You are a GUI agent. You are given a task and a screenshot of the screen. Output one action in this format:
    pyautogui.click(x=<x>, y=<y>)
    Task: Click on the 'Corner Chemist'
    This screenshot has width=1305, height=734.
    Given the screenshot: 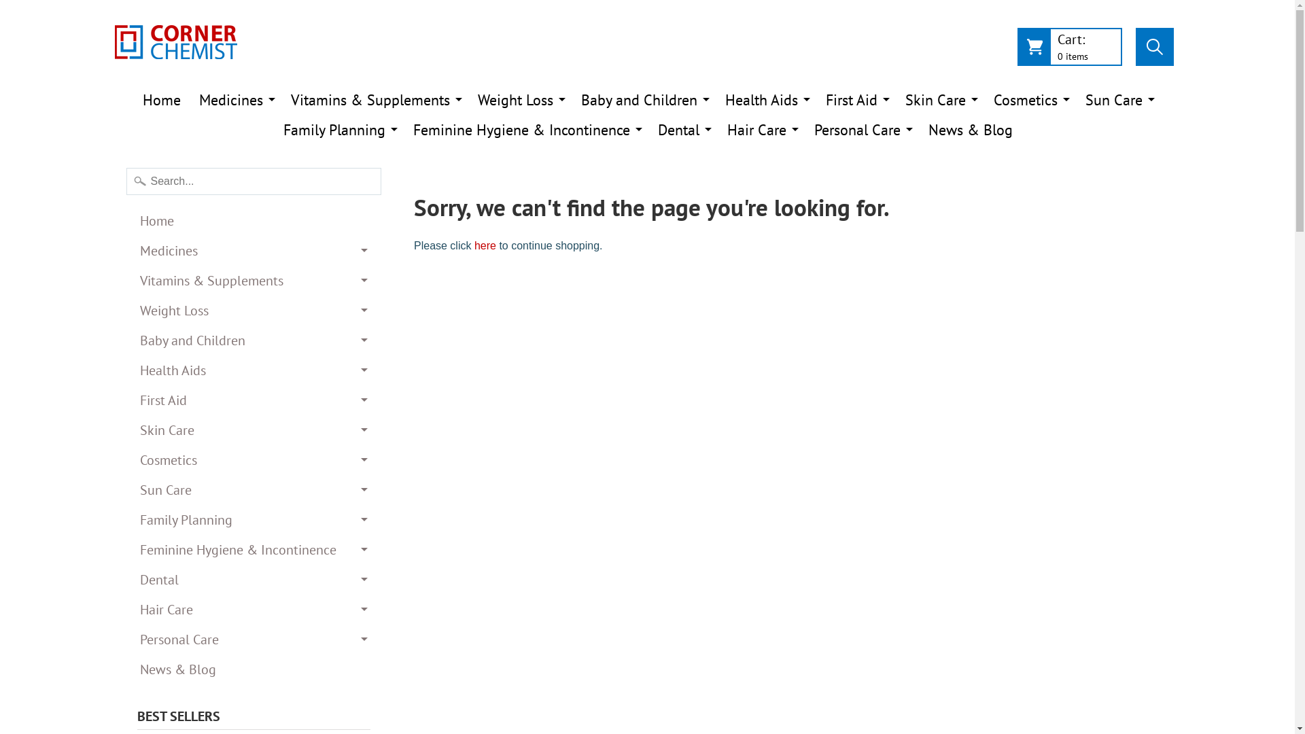 What is the action you would take?
    pyautogui.click(x=175, y=41)
    